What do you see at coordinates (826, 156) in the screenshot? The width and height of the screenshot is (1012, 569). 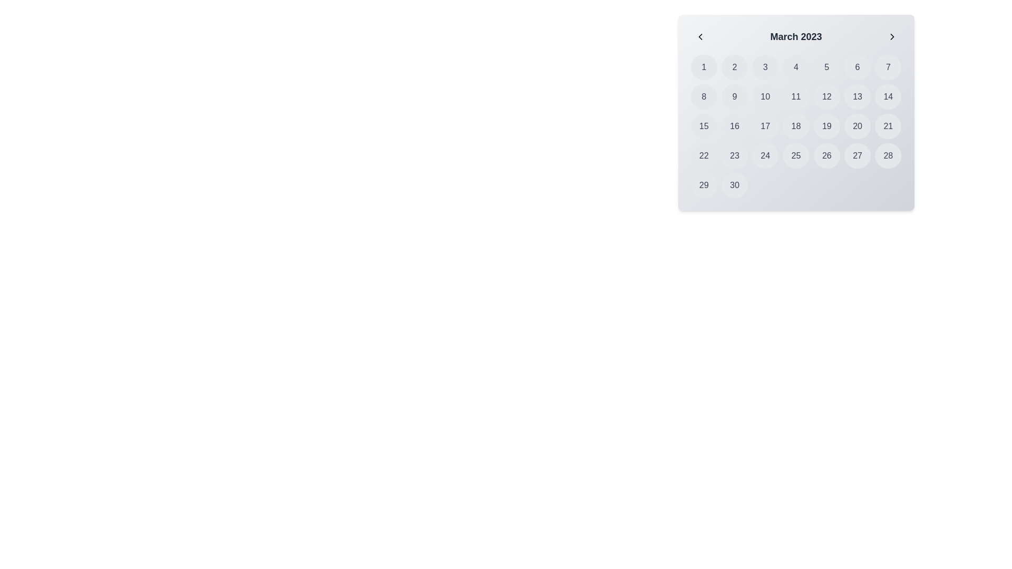 I see `the button representing the 26th day of the calendar month` at bounding box center [826, 156].